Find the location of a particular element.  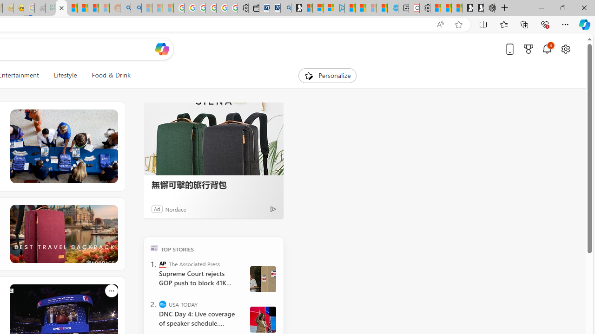

'The Associated Press' is located at coordinates (163, 263).